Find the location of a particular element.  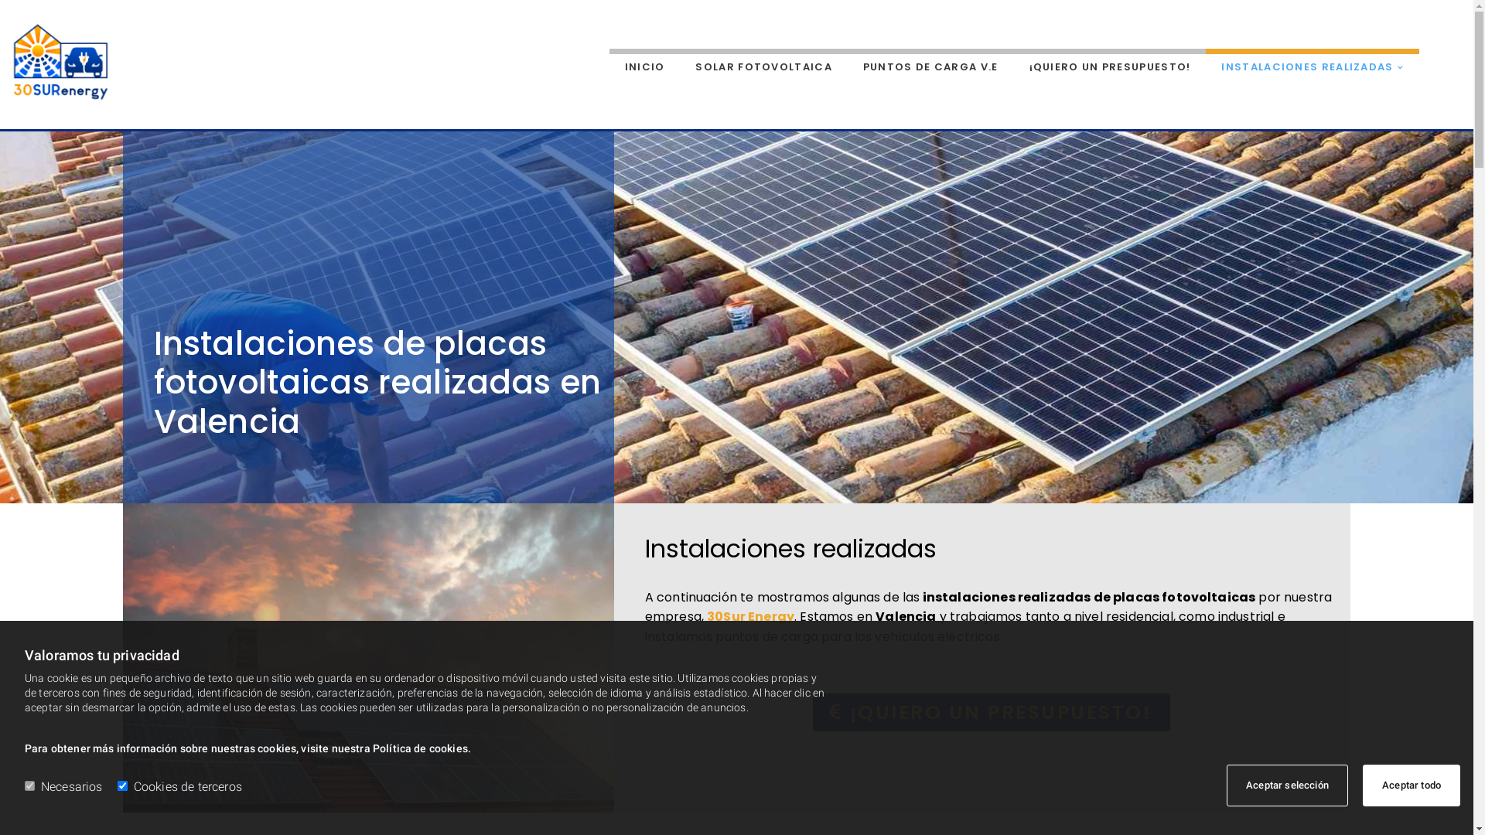

'SOLAR FOTOVOLTAICA' is located at coordinates (763, 63).